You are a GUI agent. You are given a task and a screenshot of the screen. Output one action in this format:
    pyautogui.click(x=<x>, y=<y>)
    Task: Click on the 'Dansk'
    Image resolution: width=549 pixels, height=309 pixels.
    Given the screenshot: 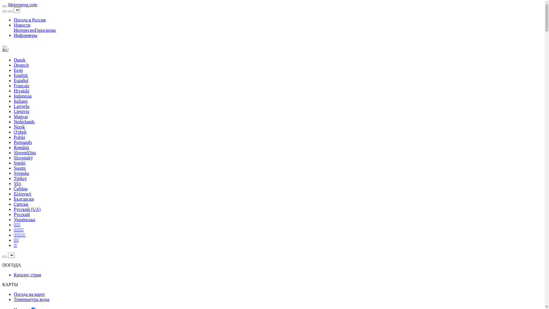 What is the action you would take?
    pyautogui.click(x=19, y=60)
    